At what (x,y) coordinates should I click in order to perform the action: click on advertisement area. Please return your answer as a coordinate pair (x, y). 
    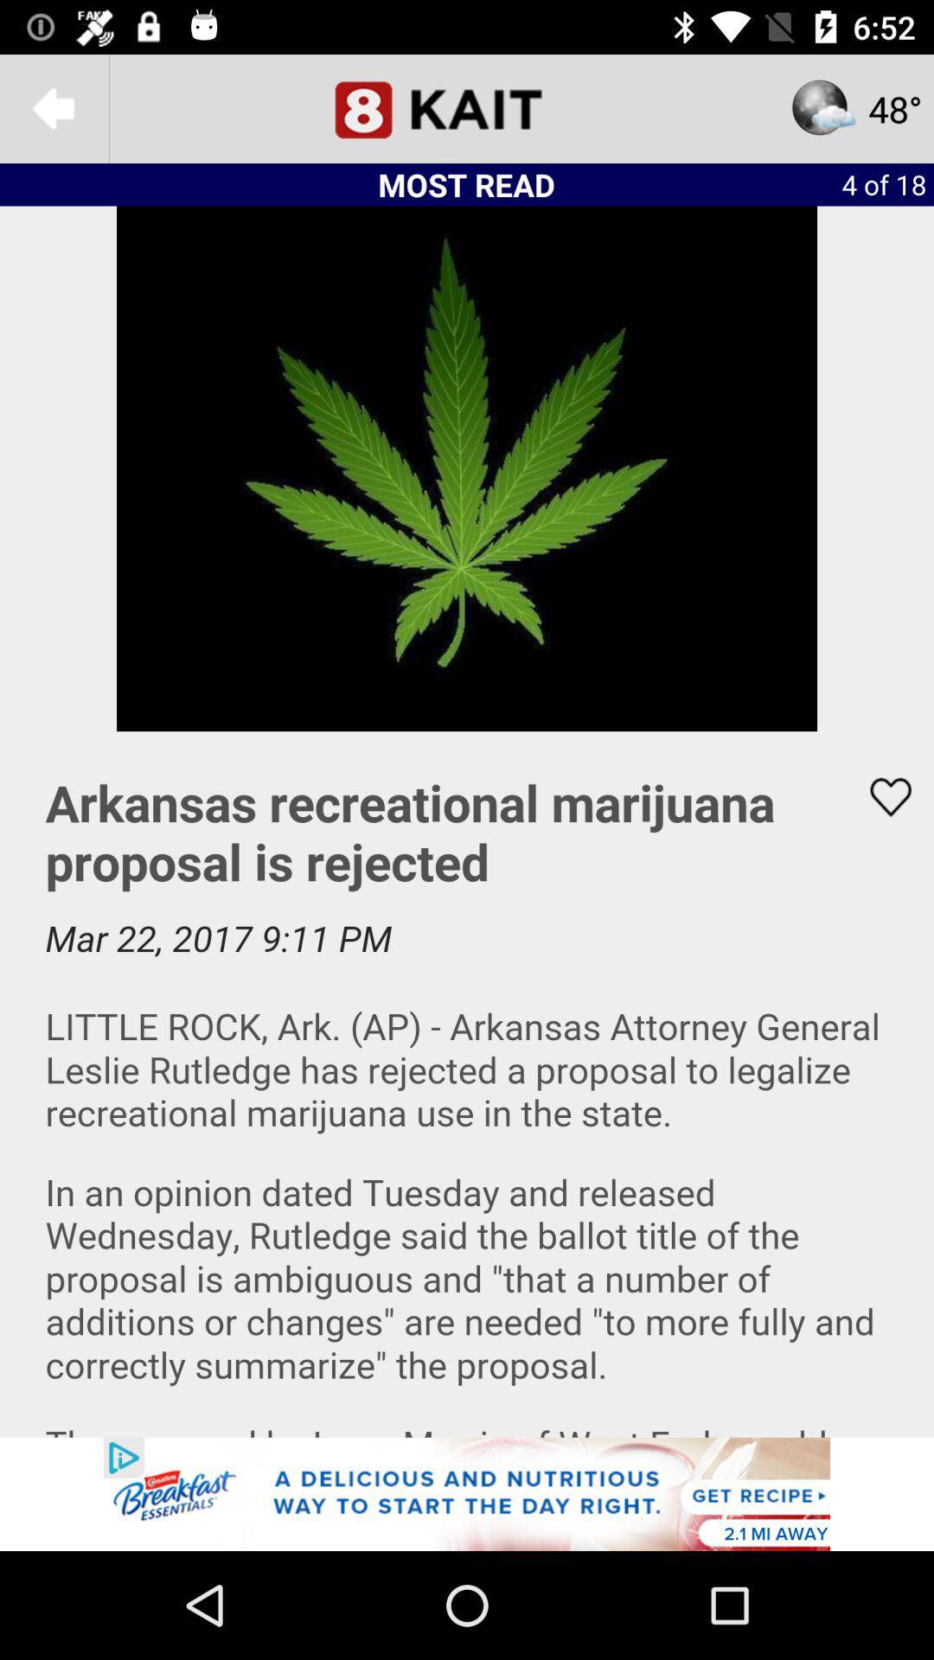
    Looking at the image, I should click on (467, 1493).